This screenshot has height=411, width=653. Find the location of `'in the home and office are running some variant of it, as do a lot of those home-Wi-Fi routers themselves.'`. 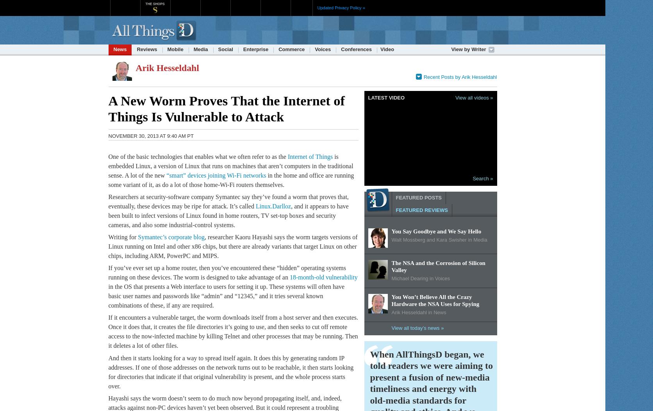

'in the home and office are running some variant of it, as do a lot of those home-Wi-Fi routers themselves.' is located at coordinates (230, 179).